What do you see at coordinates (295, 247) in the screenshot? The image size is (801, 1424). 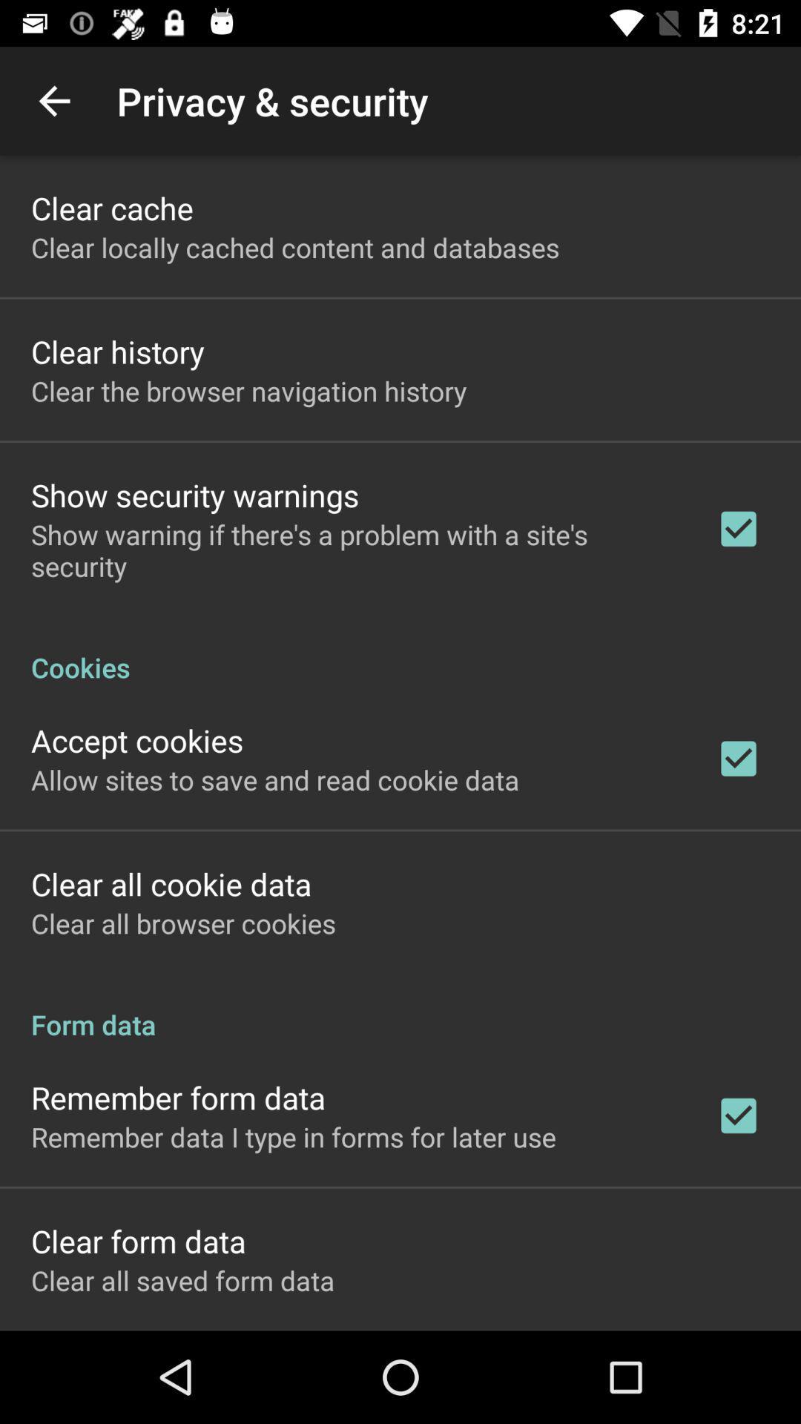 I see `clear locally cached` at bounding box center [295, 247].